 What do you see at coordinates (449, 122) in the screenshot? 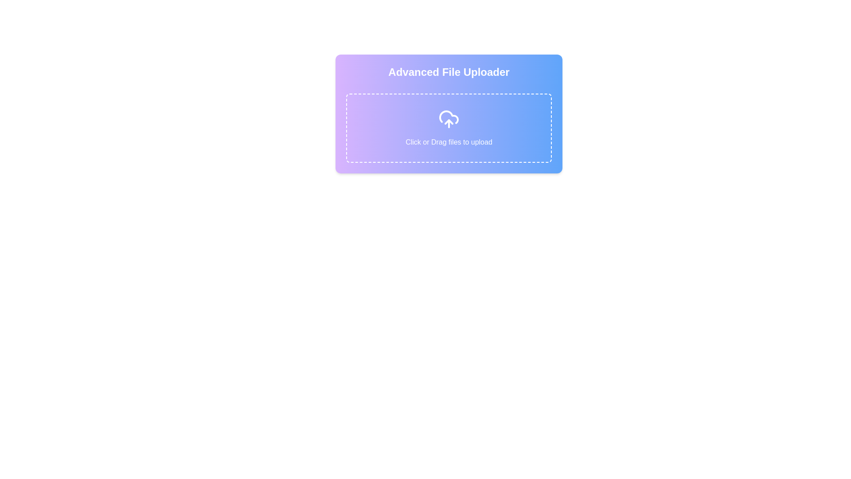
I see `the Decorative icon used for uploading data, which is located in the lower region of the SVG element` at bounding box center [449, 122].